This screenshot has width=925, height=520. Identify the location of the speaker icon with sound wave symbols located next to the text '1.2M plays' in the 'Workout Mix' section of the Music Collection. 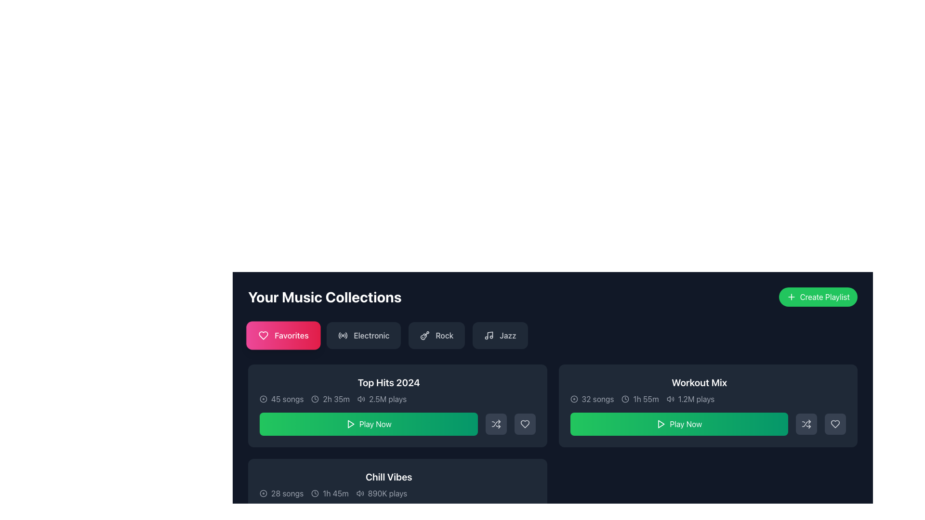
(670, 399).